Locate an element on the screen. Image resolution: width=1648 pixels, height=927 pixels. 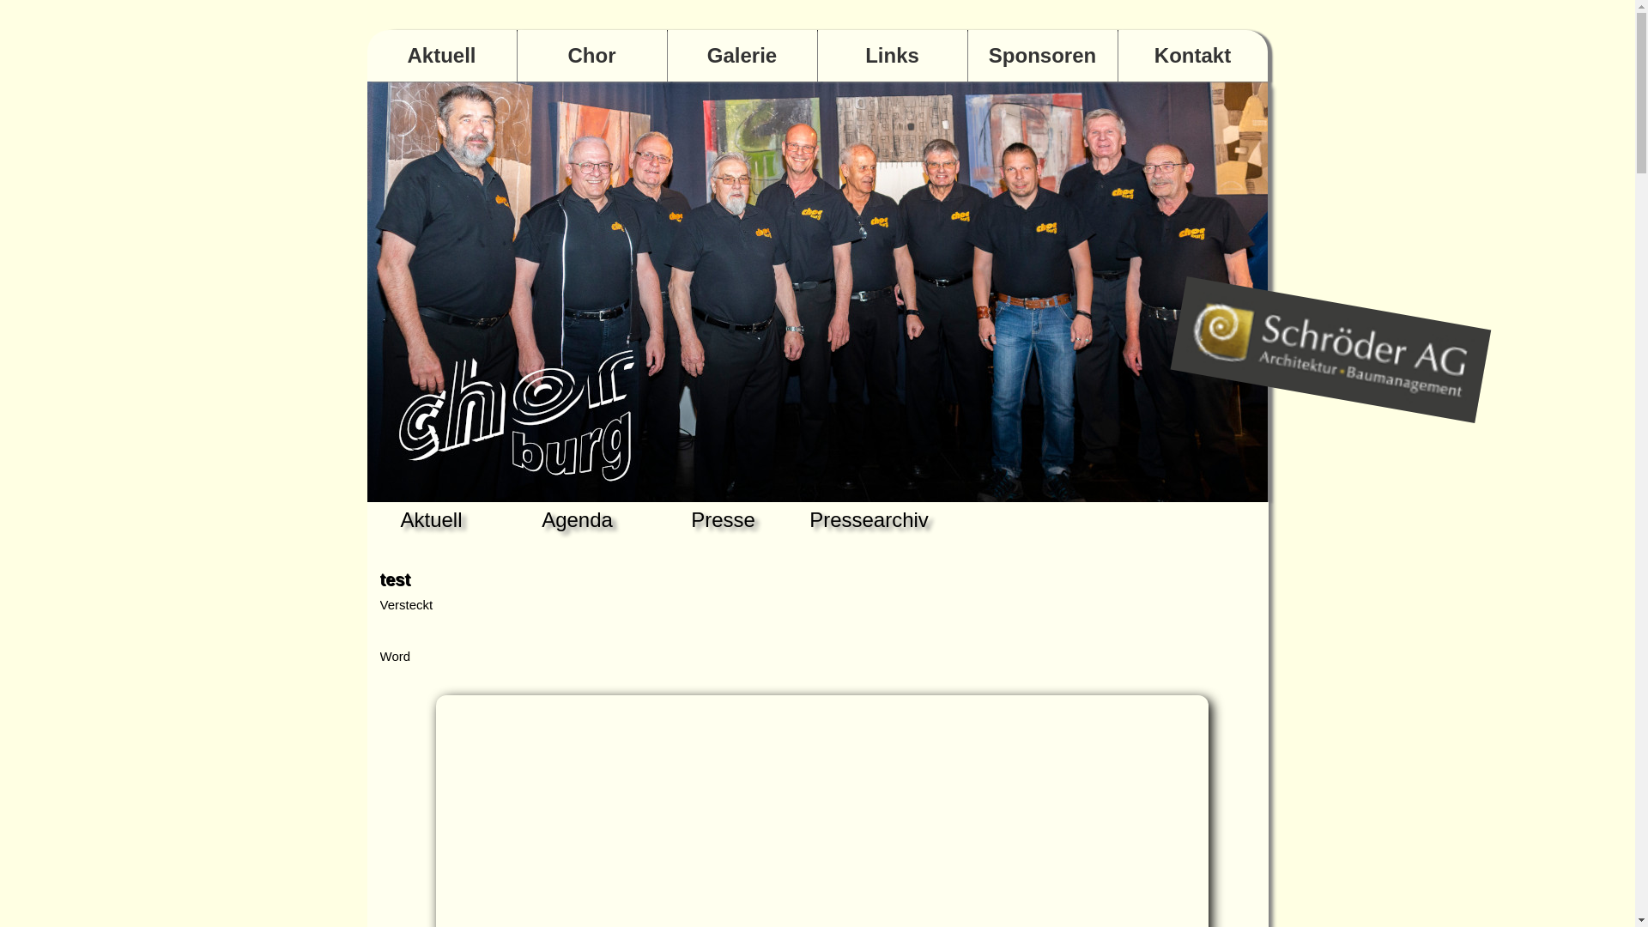
'Sponsoren' is located at coordinates (968, 55).